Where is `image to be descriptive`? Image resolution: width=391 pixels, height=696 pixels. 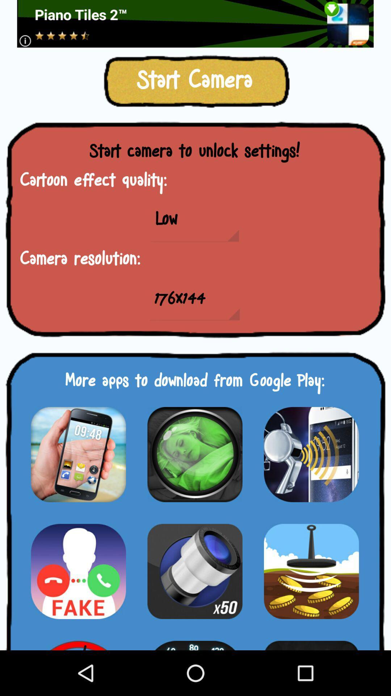
image to be descriptive is located at coordinates (311, 454).